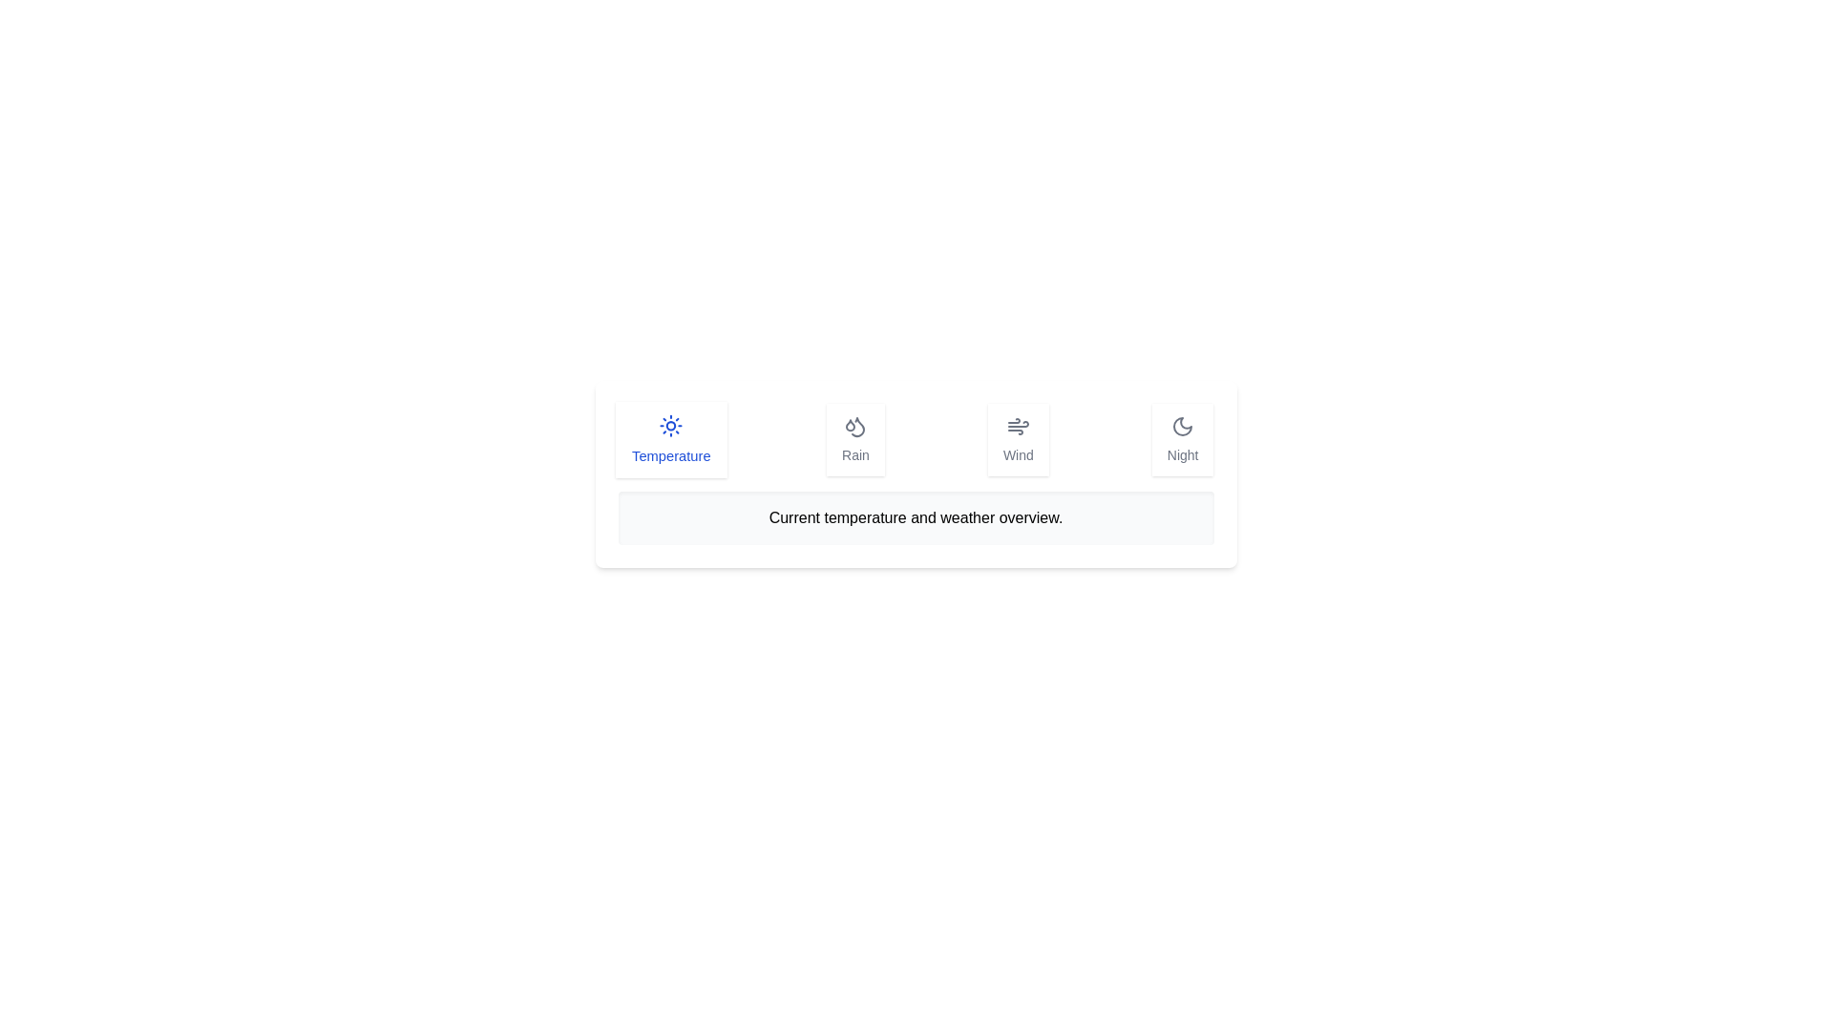 The width and height of the screenshot is (1833, 1031). Describe the element at coordinates (915, 440) in the screenshot. I see `the horizontal navigation bar containing the items 'Temperature,' 'Rain,' 'Wind,' and 'Night' located at the top-center of the interface` at that location.